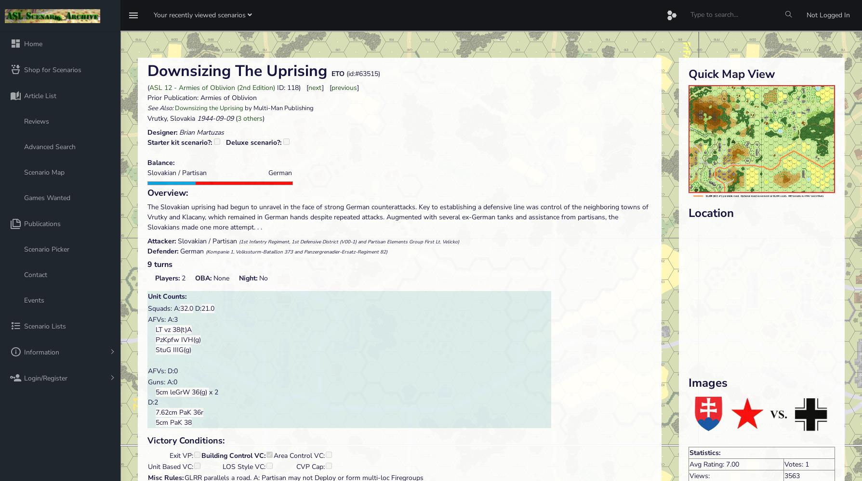 The height and width of the screenshot is (481, 862). What do you see at coordinates (225, 278) in the screenshot?
I see `'None'` at bounding box center [225, 278].